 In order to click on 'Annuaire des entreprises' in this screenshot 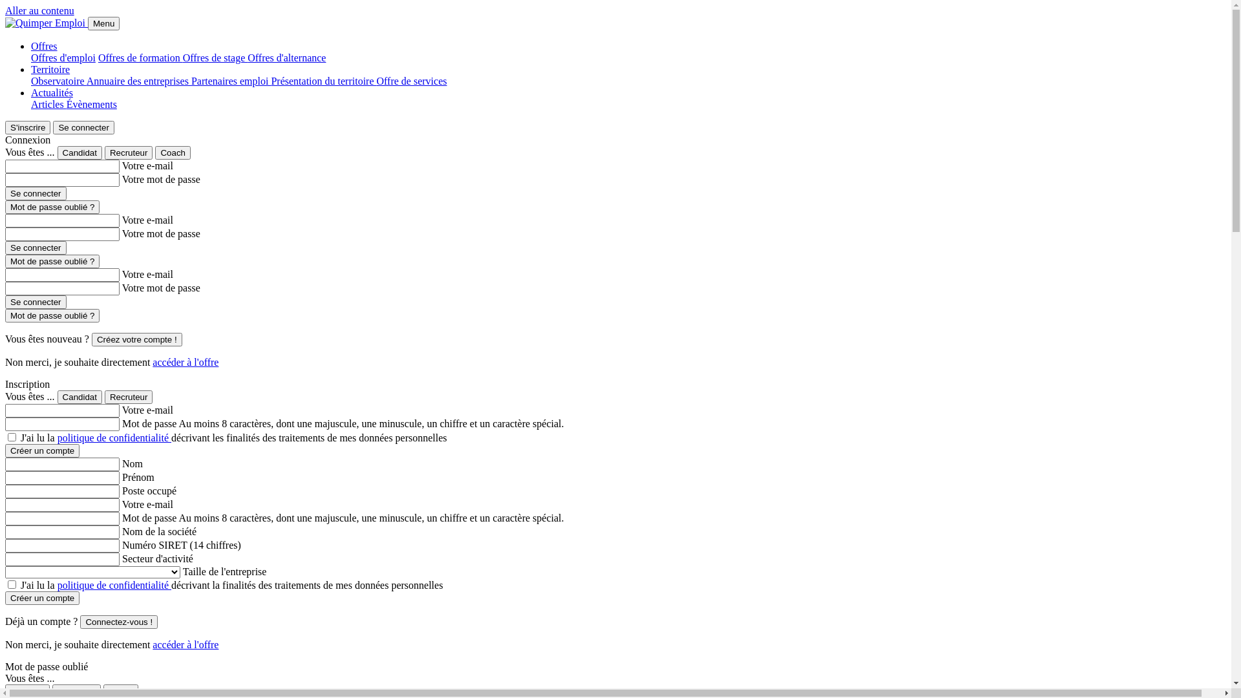, I will do `click(86, 81)`.